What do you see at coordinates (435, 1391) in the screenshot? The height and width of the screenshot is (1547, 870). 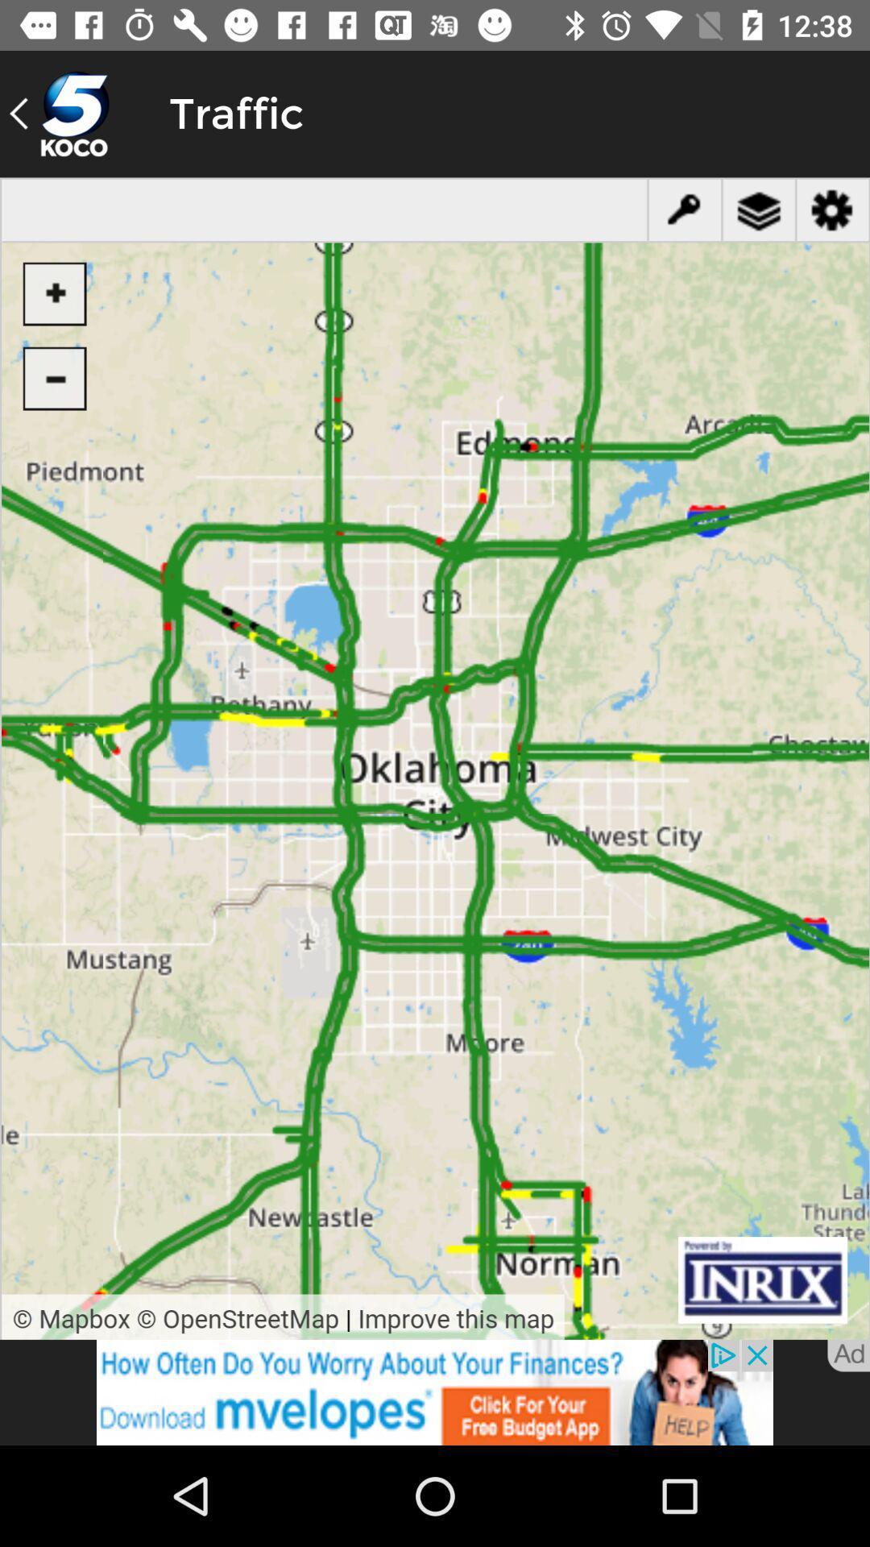 I see `open advertisement` at bounding box center [435, 1391].